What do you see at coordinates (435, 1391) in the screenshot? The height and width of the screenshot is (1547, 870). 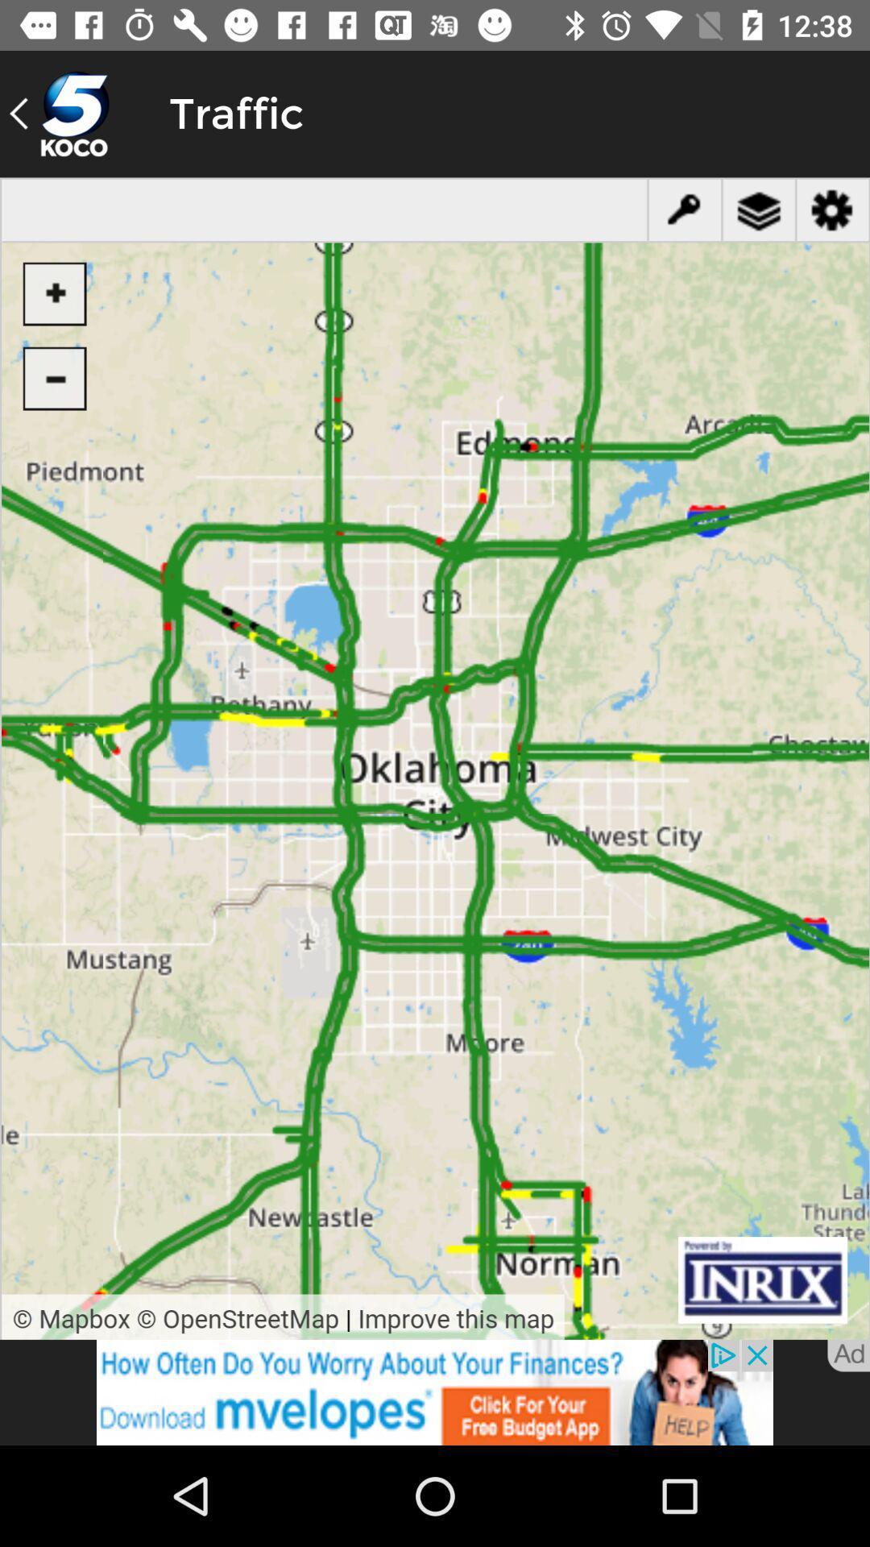 I see `open advertisement` at bounding box center [435, 1391].